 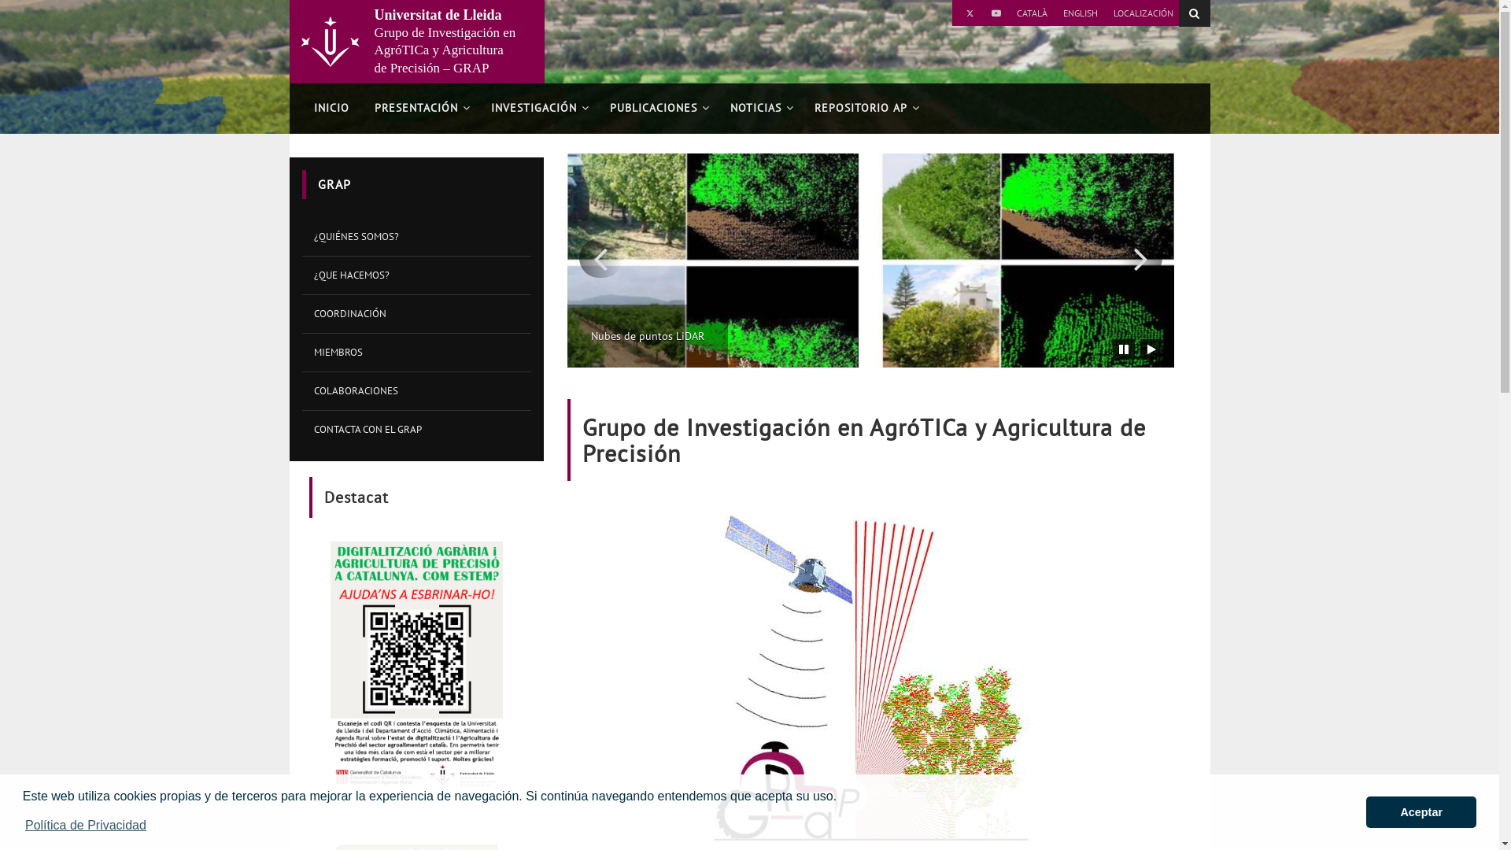 What do you see at coordinates (996, 13) in the screenshot?
I see `'YOUTUBE'` at bounding box center [996, 13].